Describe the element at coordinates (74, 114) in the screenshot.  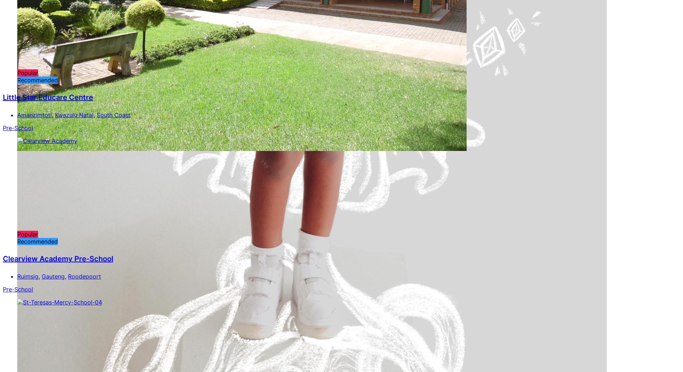
I see `'Kwazulu Natal'` at that location.